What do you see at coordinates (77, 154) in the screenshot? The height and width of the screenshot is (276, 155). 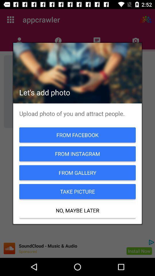 I see `the from instagram item` at bounding box center [77, 154].